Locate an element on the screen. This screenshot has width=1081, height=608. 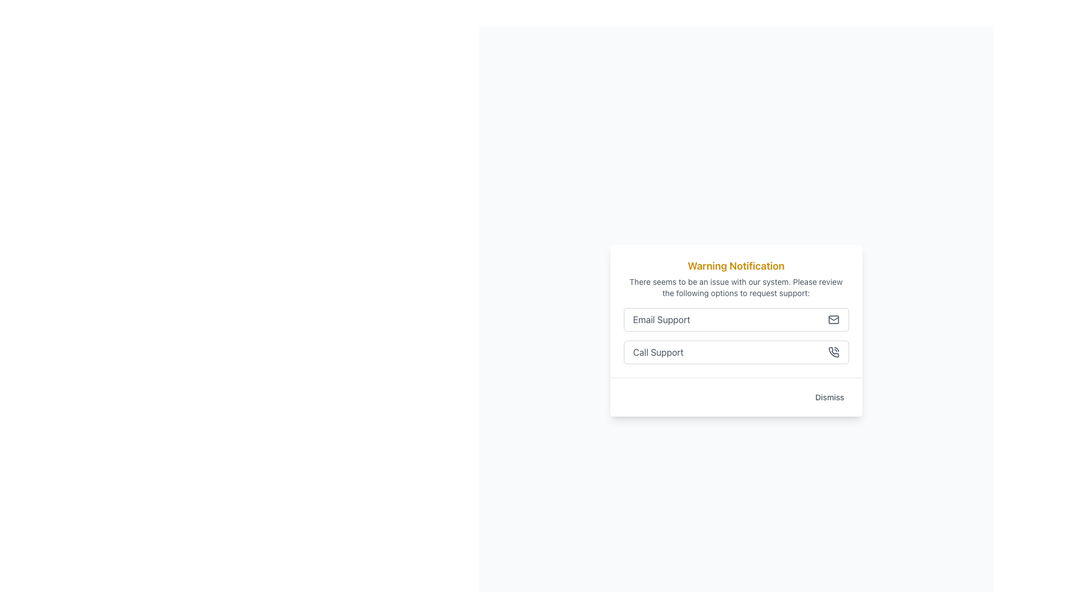
the dismiss button located at the bottom-right corner of the modal is located at coordinates (829, 396).